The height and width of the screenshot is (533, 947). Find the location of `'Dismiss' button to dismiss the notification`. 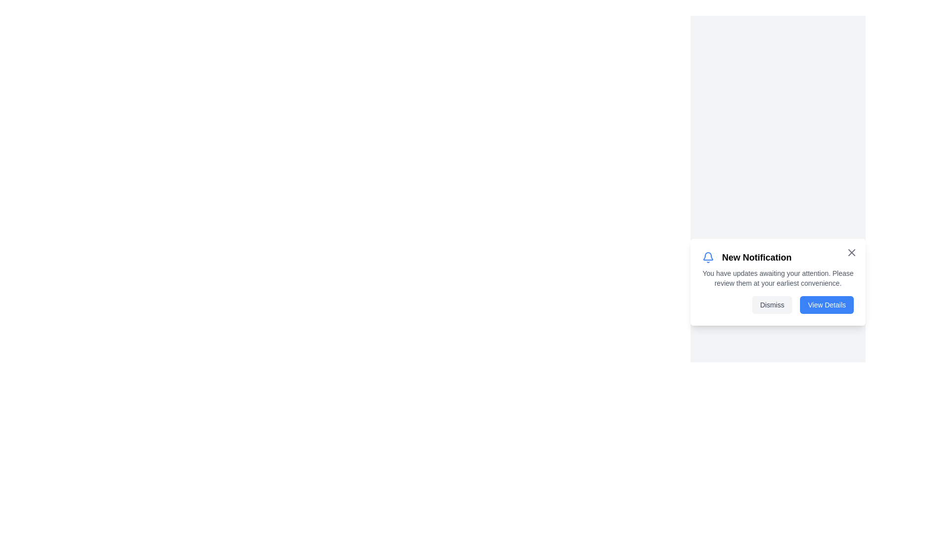

'Dismiss' button to dismiss the notification is located at coordinates (771, 304).